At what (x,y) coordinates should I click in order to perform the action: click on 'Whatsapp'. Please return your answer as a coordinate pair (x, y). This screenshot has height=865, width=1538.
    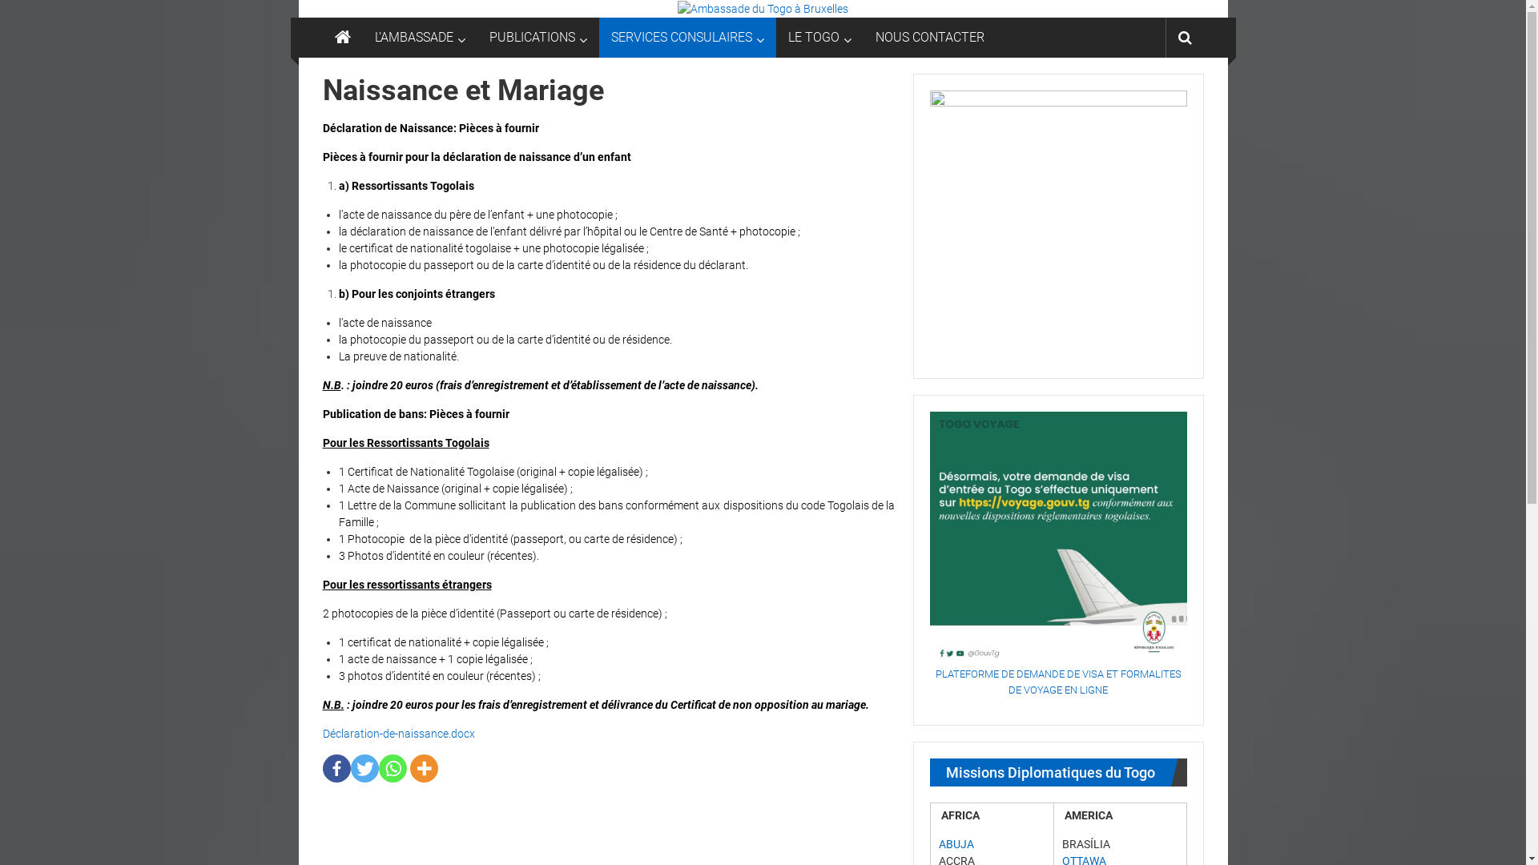
    Looking at the image, I should click on (392, 767).